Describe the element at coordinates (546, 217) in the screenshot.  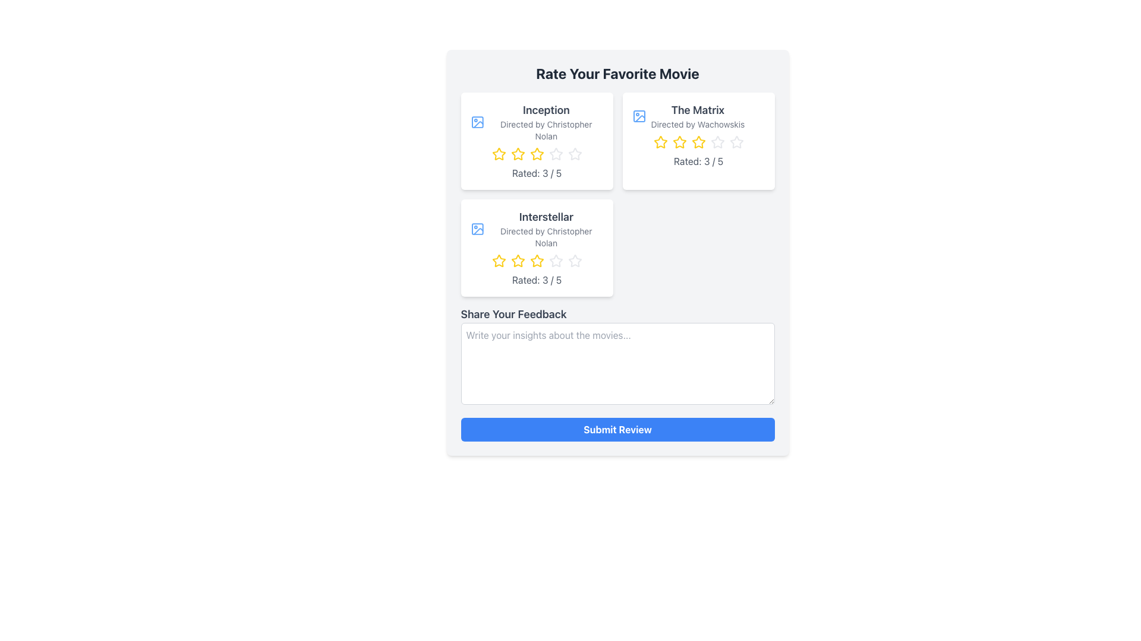
I see `text label displaying 'Interstellar' in bold, large dark gray font located in the third card under 'Rate Your Favorite Movie'` at that location.